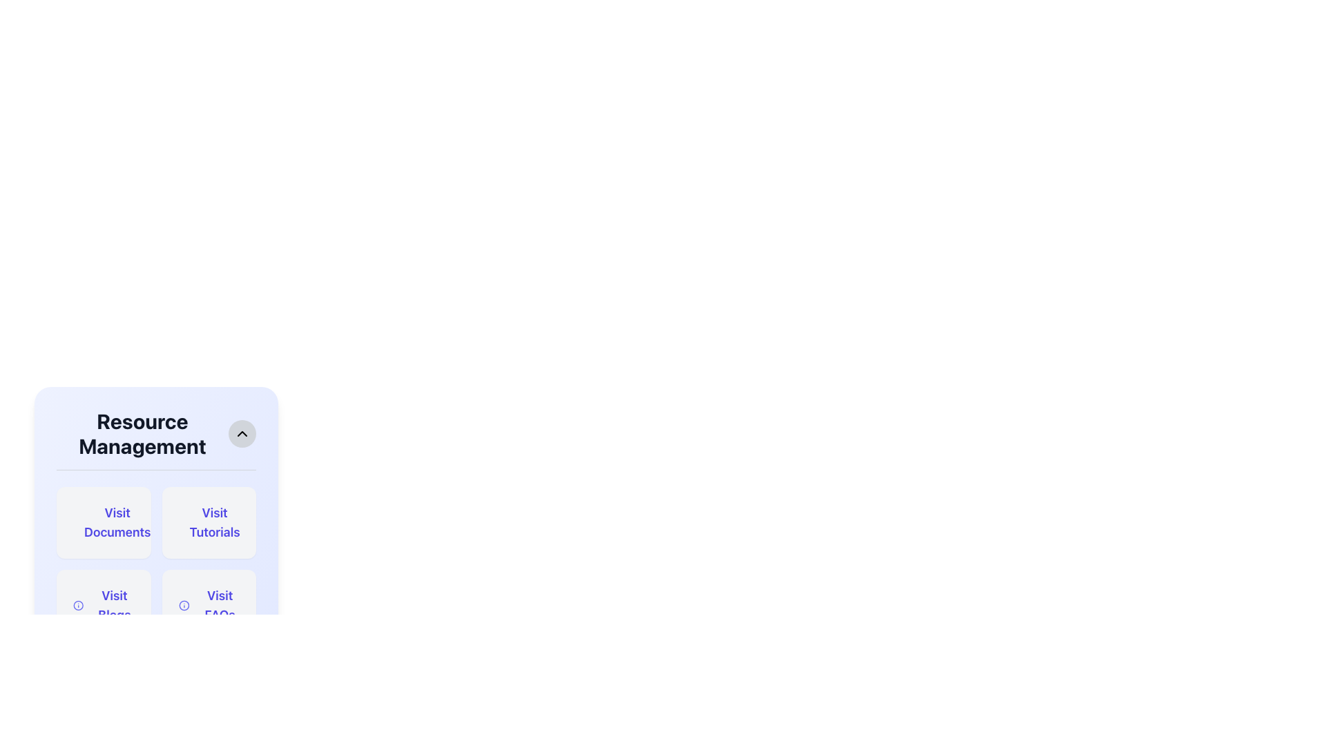  Describe the element at coordinates (142, 433) in the screenshot. I see `bold header text 'Resource Management' styled in black on a light background for context` at that location.